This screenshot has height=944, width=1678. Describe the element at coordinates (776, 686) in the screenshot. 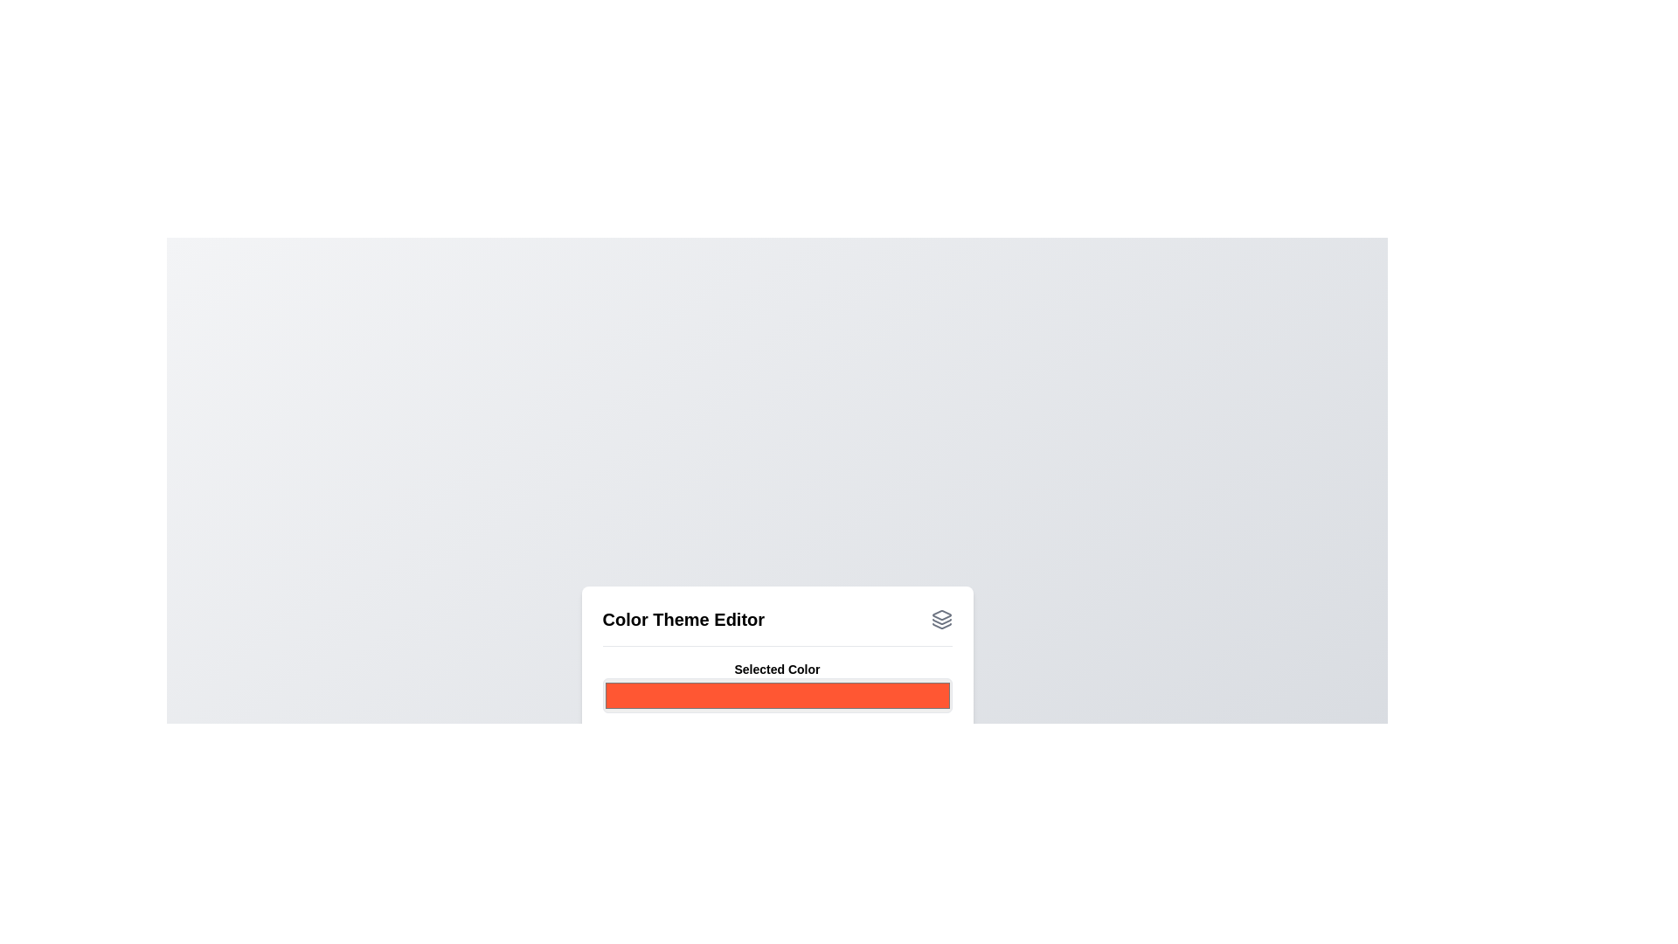

I see `the Color display box labeled 'Selected Color' which has a solid orange hue and a button-like appearance` at that location.